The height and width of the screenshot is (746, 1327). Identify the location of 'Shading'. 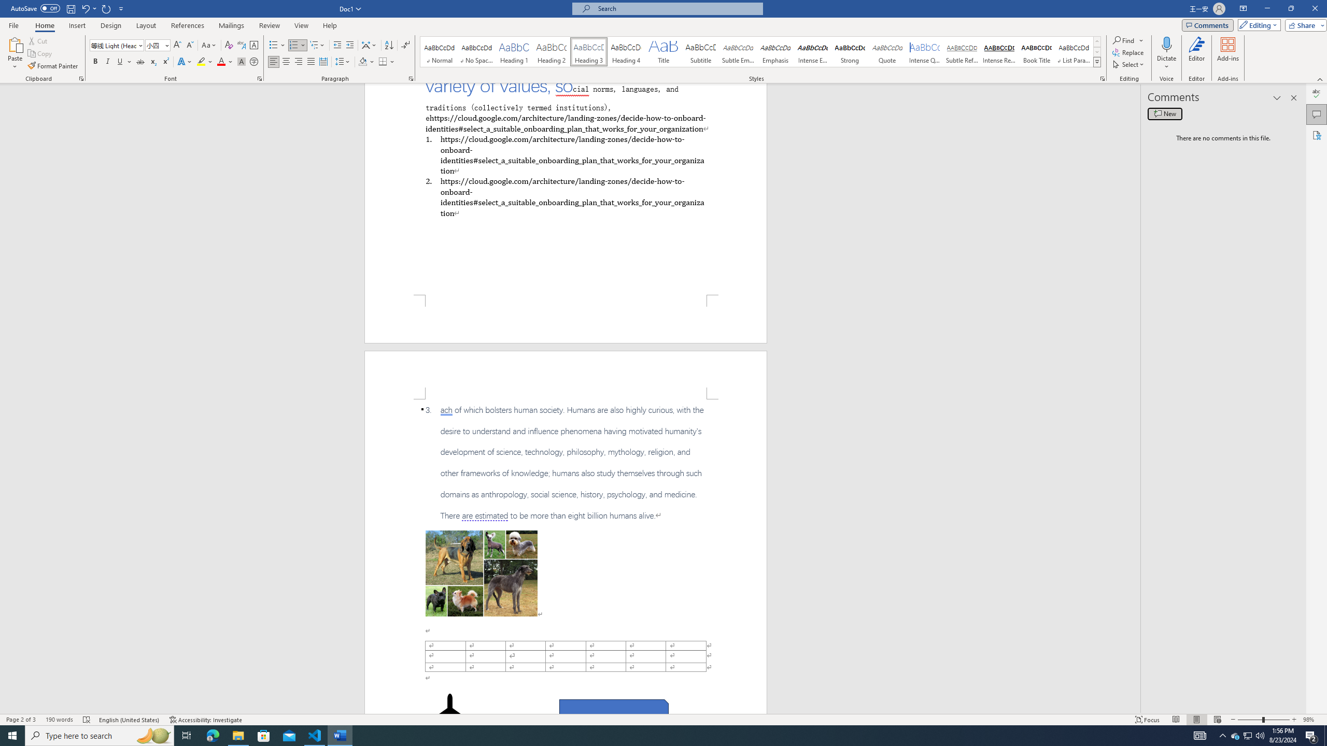
(366, 61).